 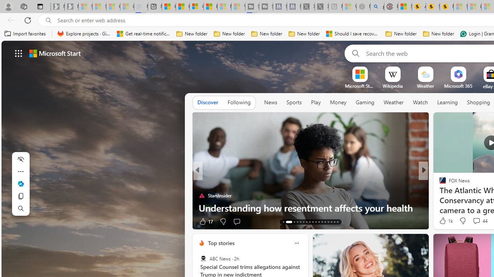 What do you see at coordinates (439, 183) in the screenshot?
I see `'Woman'` at bounding box center [439, 183].